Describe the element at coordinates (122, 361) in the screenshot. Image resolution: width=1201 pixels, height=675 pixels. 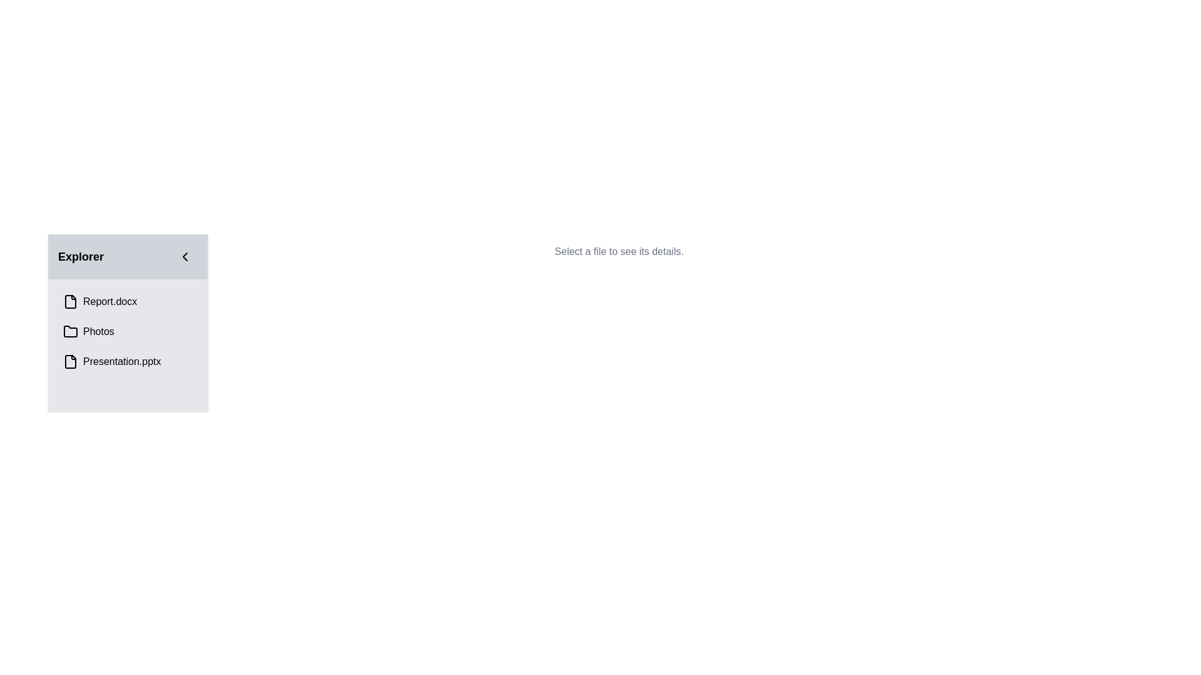
I see `the text label 'Presentation.pptx' in the file explorer panel` at that location.